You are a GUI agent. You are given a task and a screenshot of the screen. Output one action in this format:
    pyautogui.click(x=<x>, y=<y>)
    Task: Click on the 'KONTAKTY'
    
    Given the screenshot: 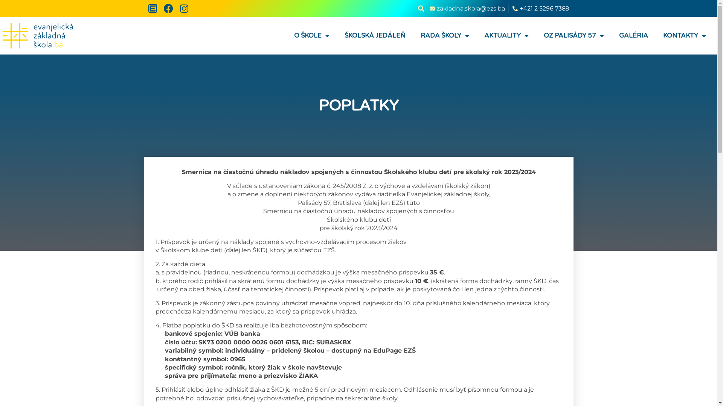 What is the action you would take?
    pyautogui.click(x=685, y=36)
    